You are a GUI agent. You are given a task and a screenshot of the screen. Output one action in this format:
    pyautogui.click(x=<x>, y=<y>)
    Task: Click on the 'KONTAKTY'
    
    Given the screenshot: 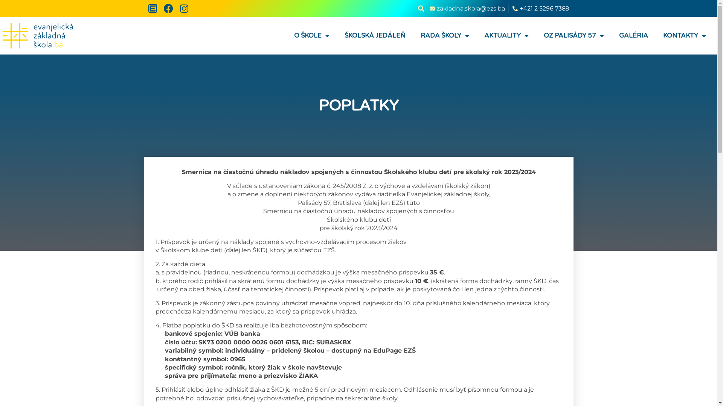 What is the action you would take?
    pyautogui.click(x=685, y=36)
    